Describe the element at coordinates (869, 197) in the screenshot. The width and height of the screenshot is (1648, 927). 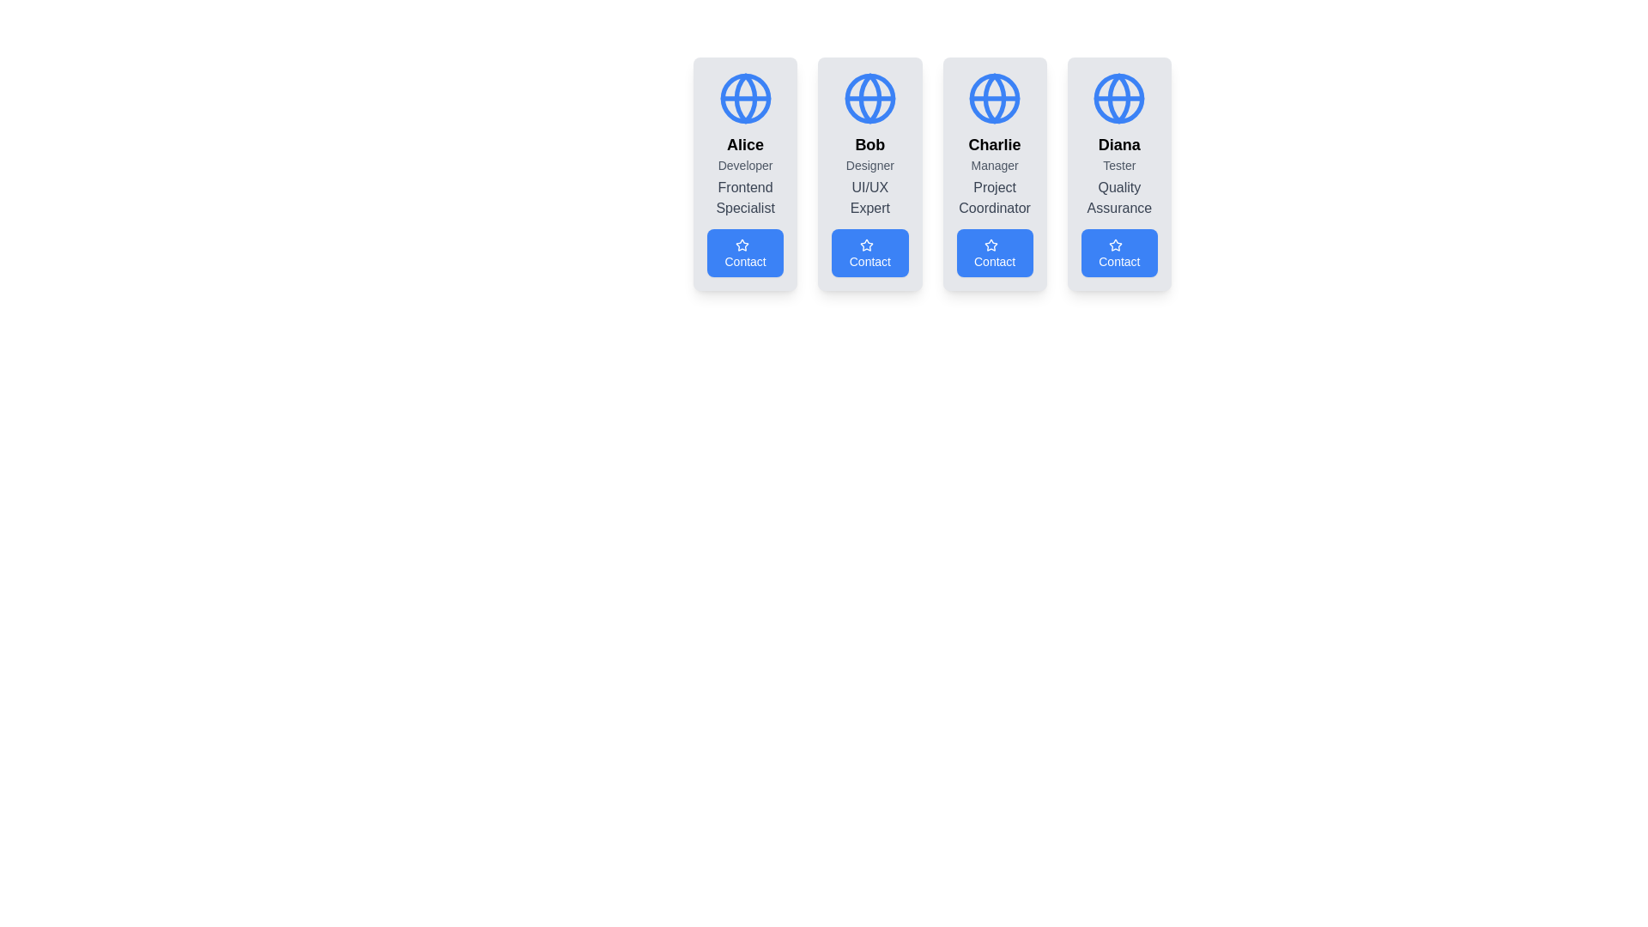
I see `the 'UI/UX Expert' text label, which is styled in muted gray and located below the 'Designer' text and above the 'Contact' button in Bob's profile card` at that location.